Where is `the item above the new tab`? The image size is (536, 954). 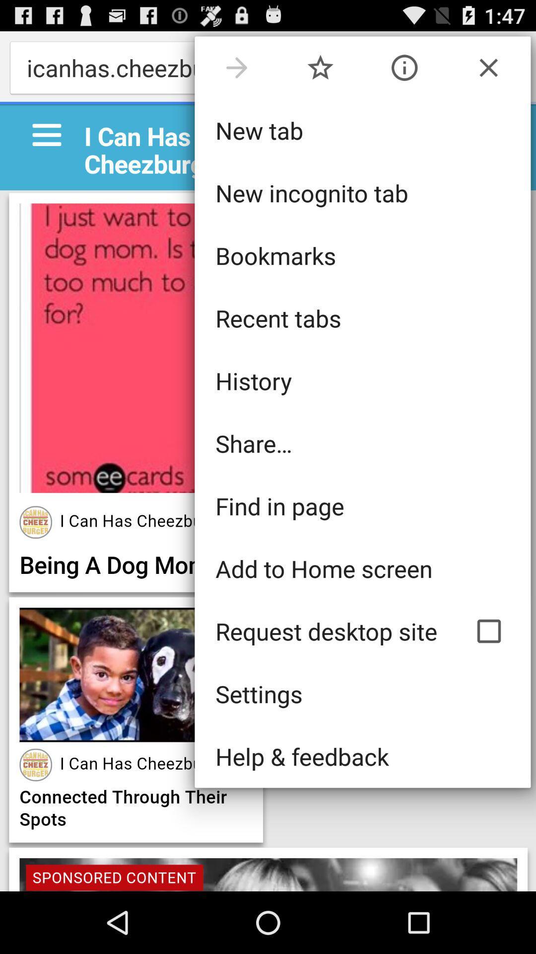 the item above the new tab is located at coordinates (236, 67).